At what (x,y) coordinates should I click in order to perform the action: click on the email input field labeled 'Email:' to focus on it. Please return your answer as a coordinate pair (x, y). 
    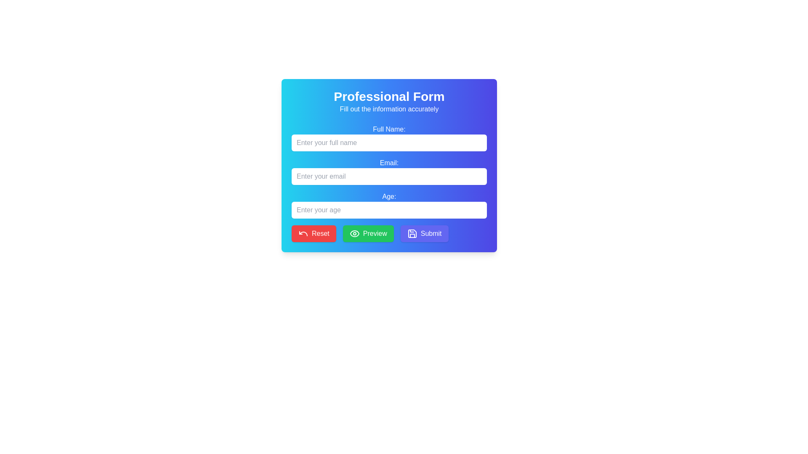
    Looking at the image, I should click on (389, 171).